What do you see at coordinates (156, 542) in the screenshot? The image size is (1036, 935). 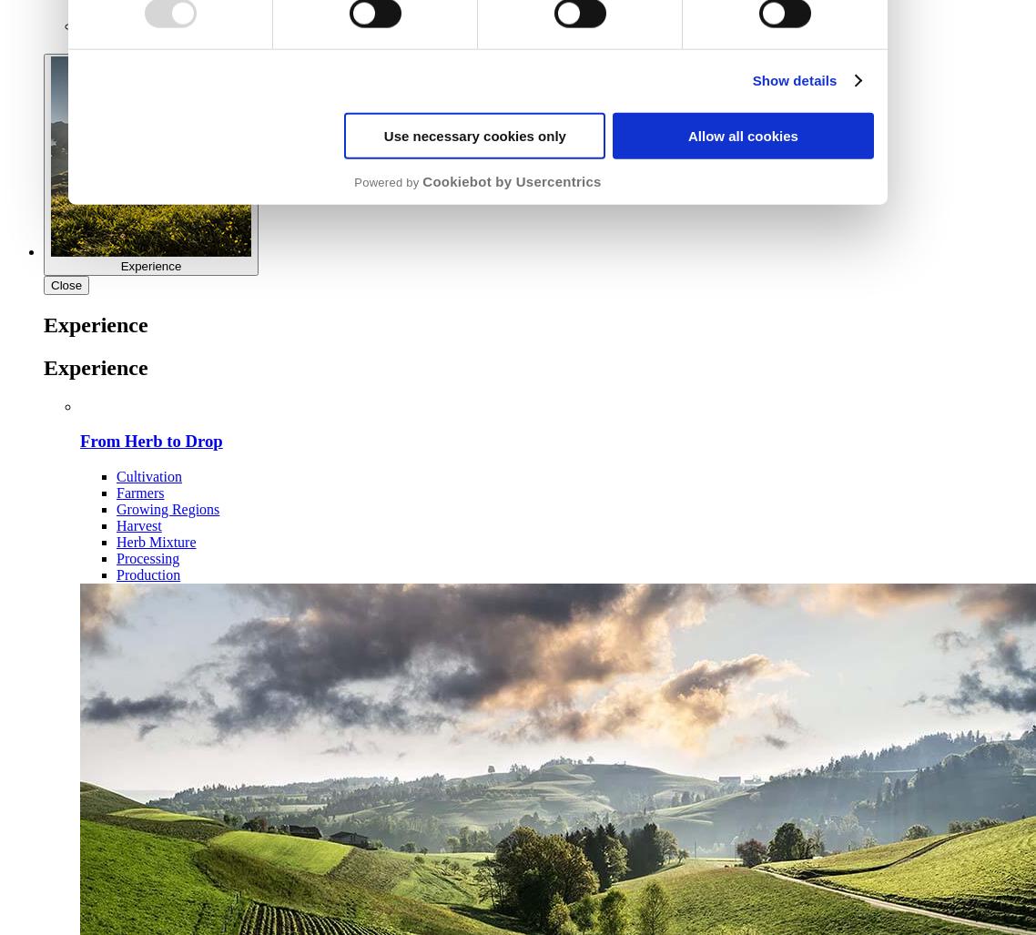 I see `'Herb Mixture'` at bounding box center [156, 542].